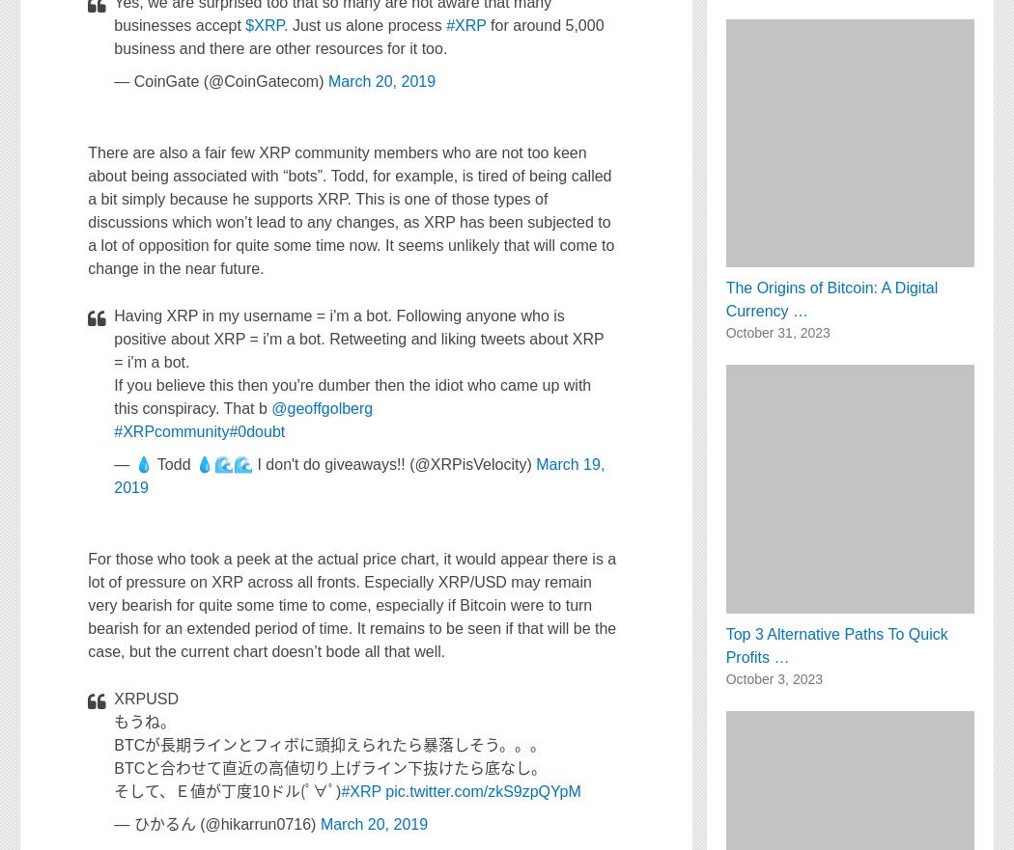 The height and width of the screenshot is (850, 1014). Describe the element at coordinates (351, 604) in the screenshot. I see `'For those who took a peek at the actual price chart, it would appear there is a lot of pressure on XRP across all fronts. Especially XRP/USD may remain very bearish for quite some time to come, especially if Bitcoin were to turn bearish for an extended period of time. It remains to be seen if that will be the case, but the current chart doesn’t bode all that well.'` at that location.